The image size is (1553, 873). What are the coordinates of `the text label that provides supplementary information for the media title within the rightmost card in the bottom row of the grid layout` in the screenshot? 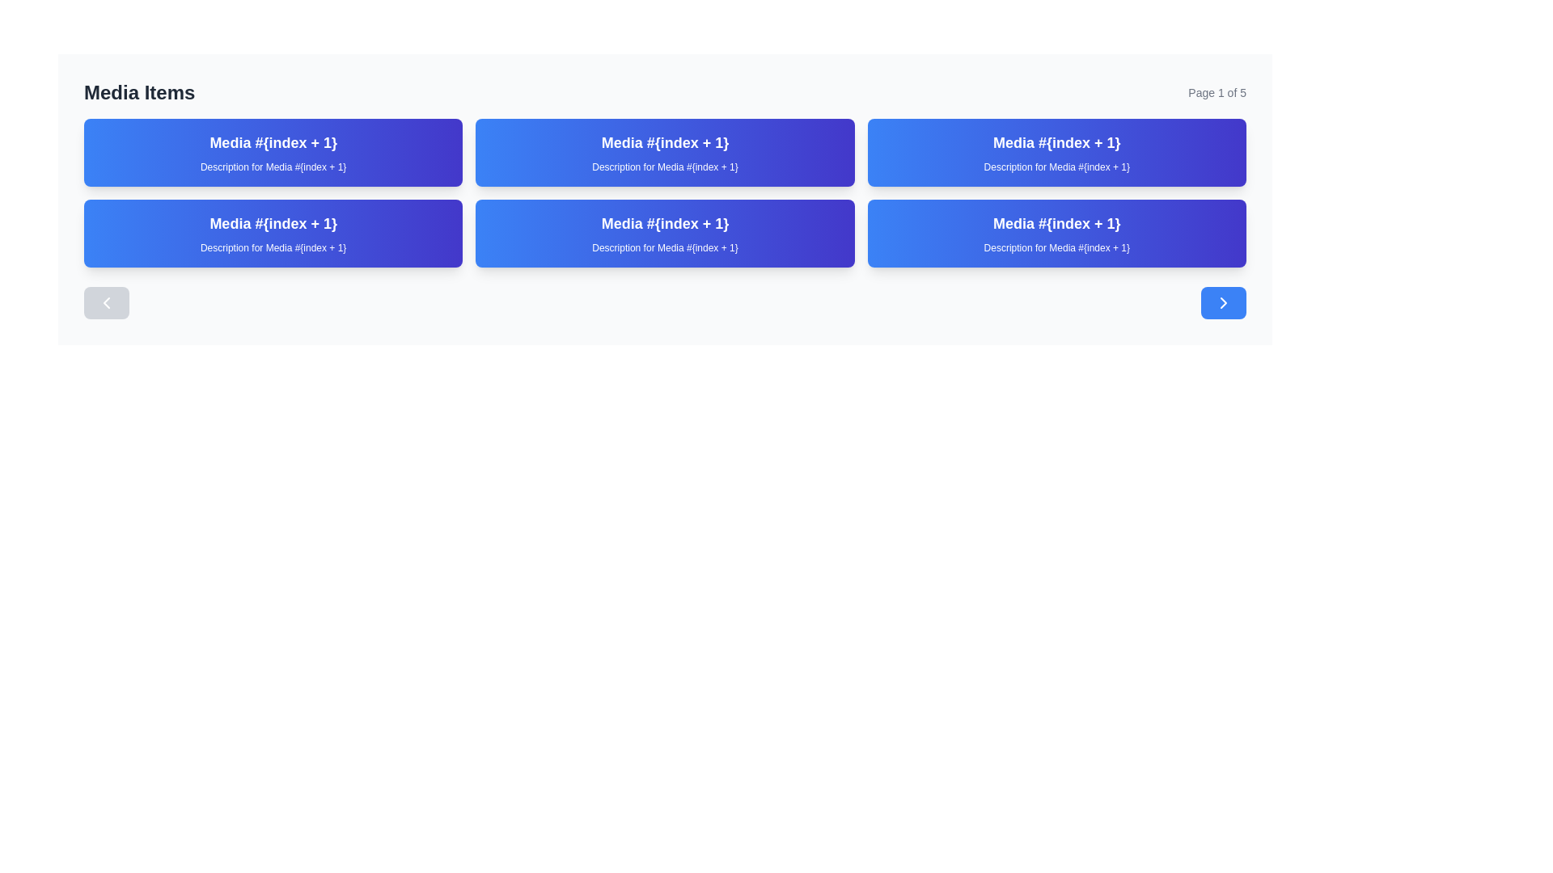 It's located at (1056, 248).